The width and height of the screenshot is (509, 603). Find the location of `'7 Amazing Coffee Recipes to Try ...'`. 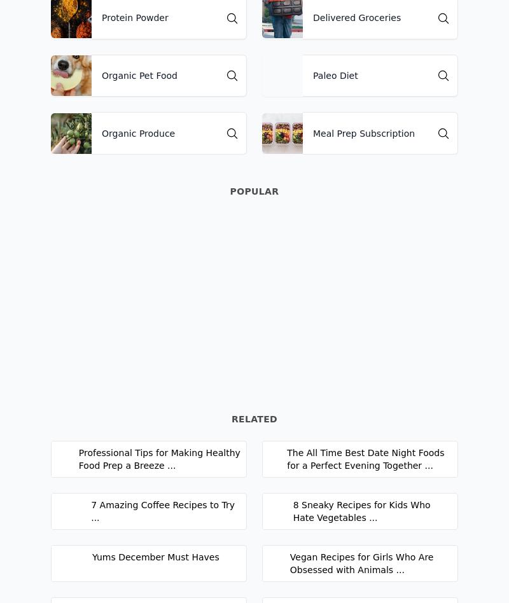

'7 Amazing Coffee Recipes to Try ...' is located at coordinates (162, 510).